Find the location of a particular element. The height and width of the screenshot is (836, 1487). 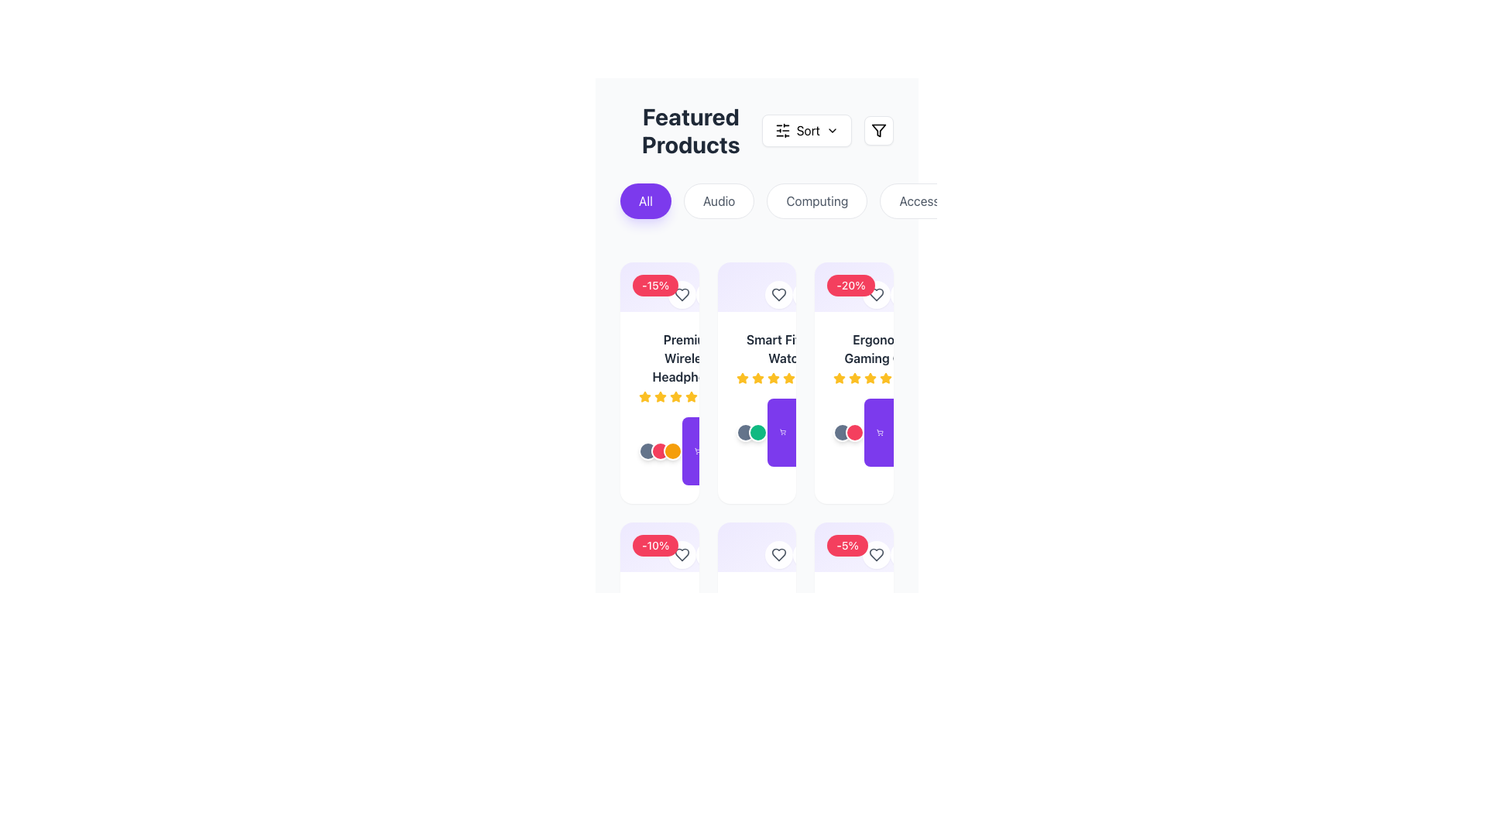

the discount badge indicating a 20% reduction in price for the 'Ergonomic Gaming' item located in the top-left corner of the product card is located at coordinates (850, 286).